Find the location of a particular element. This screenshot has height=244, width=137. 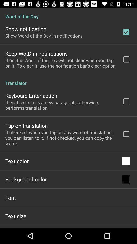

keep wotd in icon is located at coordinates (36, 53).